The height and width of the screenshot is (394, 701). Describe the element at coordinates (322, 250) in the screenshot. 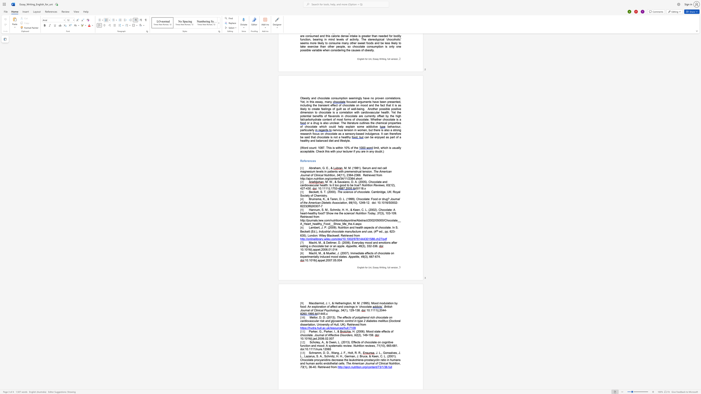

I see `the space between the continuous character "2" and "0" in the text` at that location.